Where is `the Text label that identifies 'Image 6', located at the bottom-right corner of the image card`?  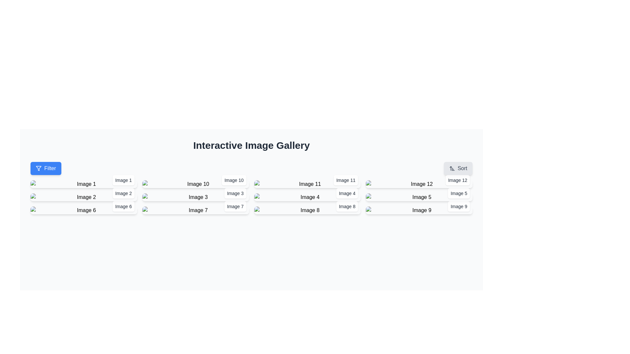
the Text label that identifies 'Image 6', located at the bottom-right corner of the image card is located at coordinates (123, 206).